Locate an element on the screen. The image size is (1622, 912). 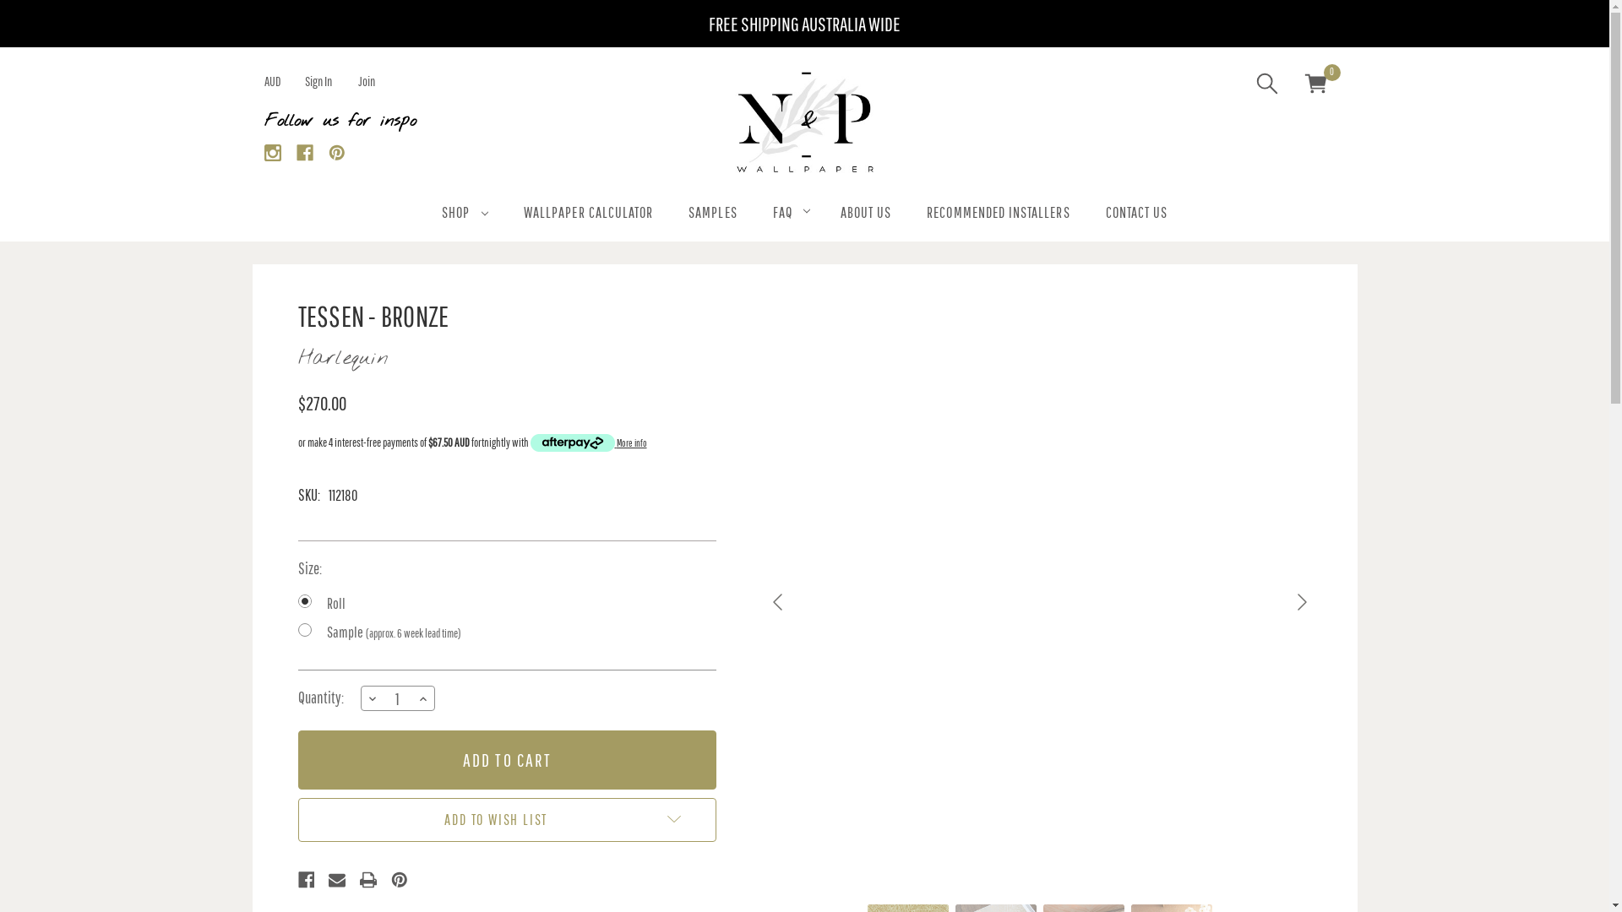
'RECOMMENDED INSTALLERS' is located at coordinates (907, 214).